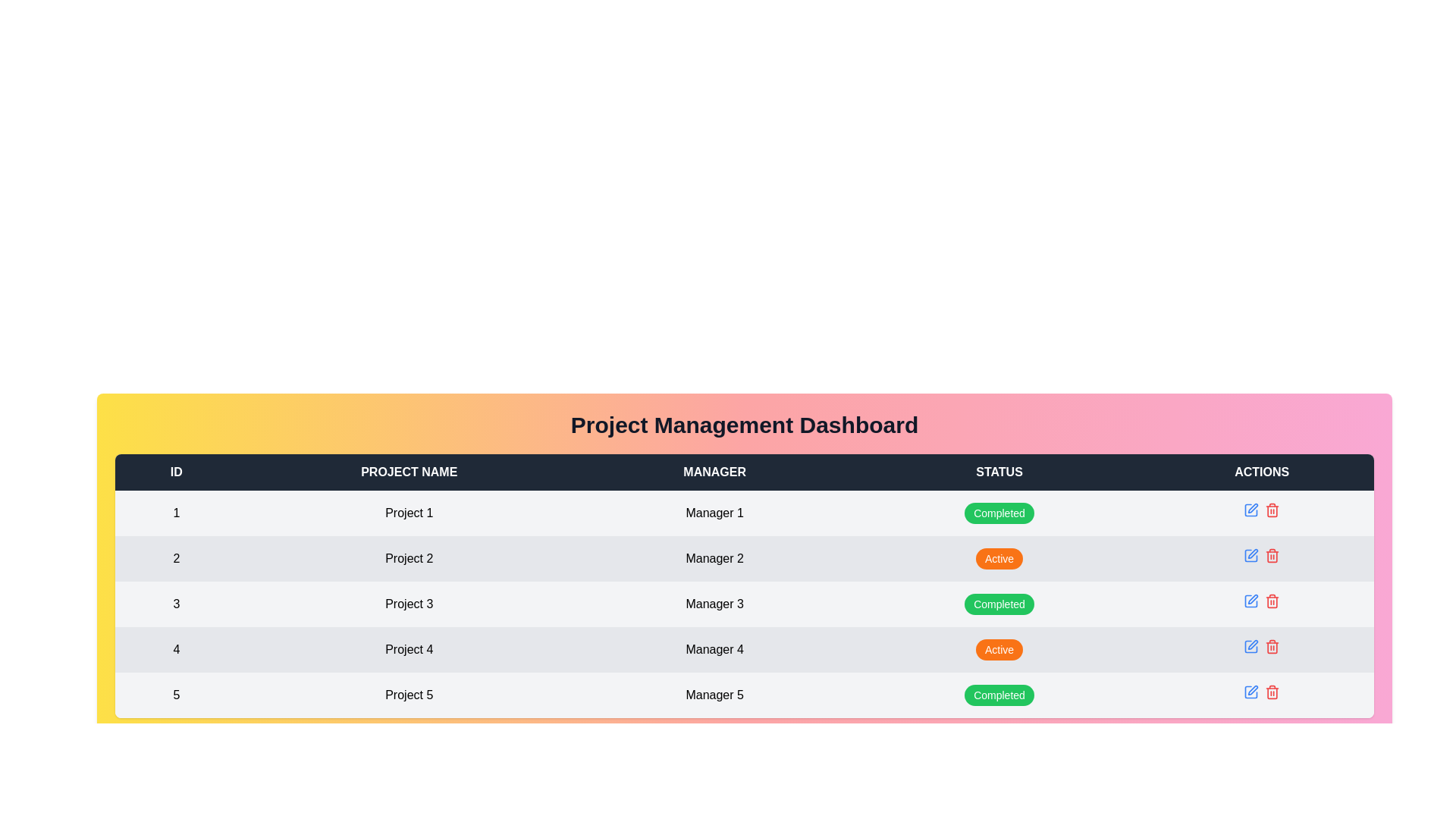  What do you see at coordinates (999, 695) in the screenshot?
I see `the green button labeled 'Completed' in the STATUS column of the fifth row of the table, which is positioned between 'Manager 5' and the ACTIONS section` at bounding box center [999, 695].